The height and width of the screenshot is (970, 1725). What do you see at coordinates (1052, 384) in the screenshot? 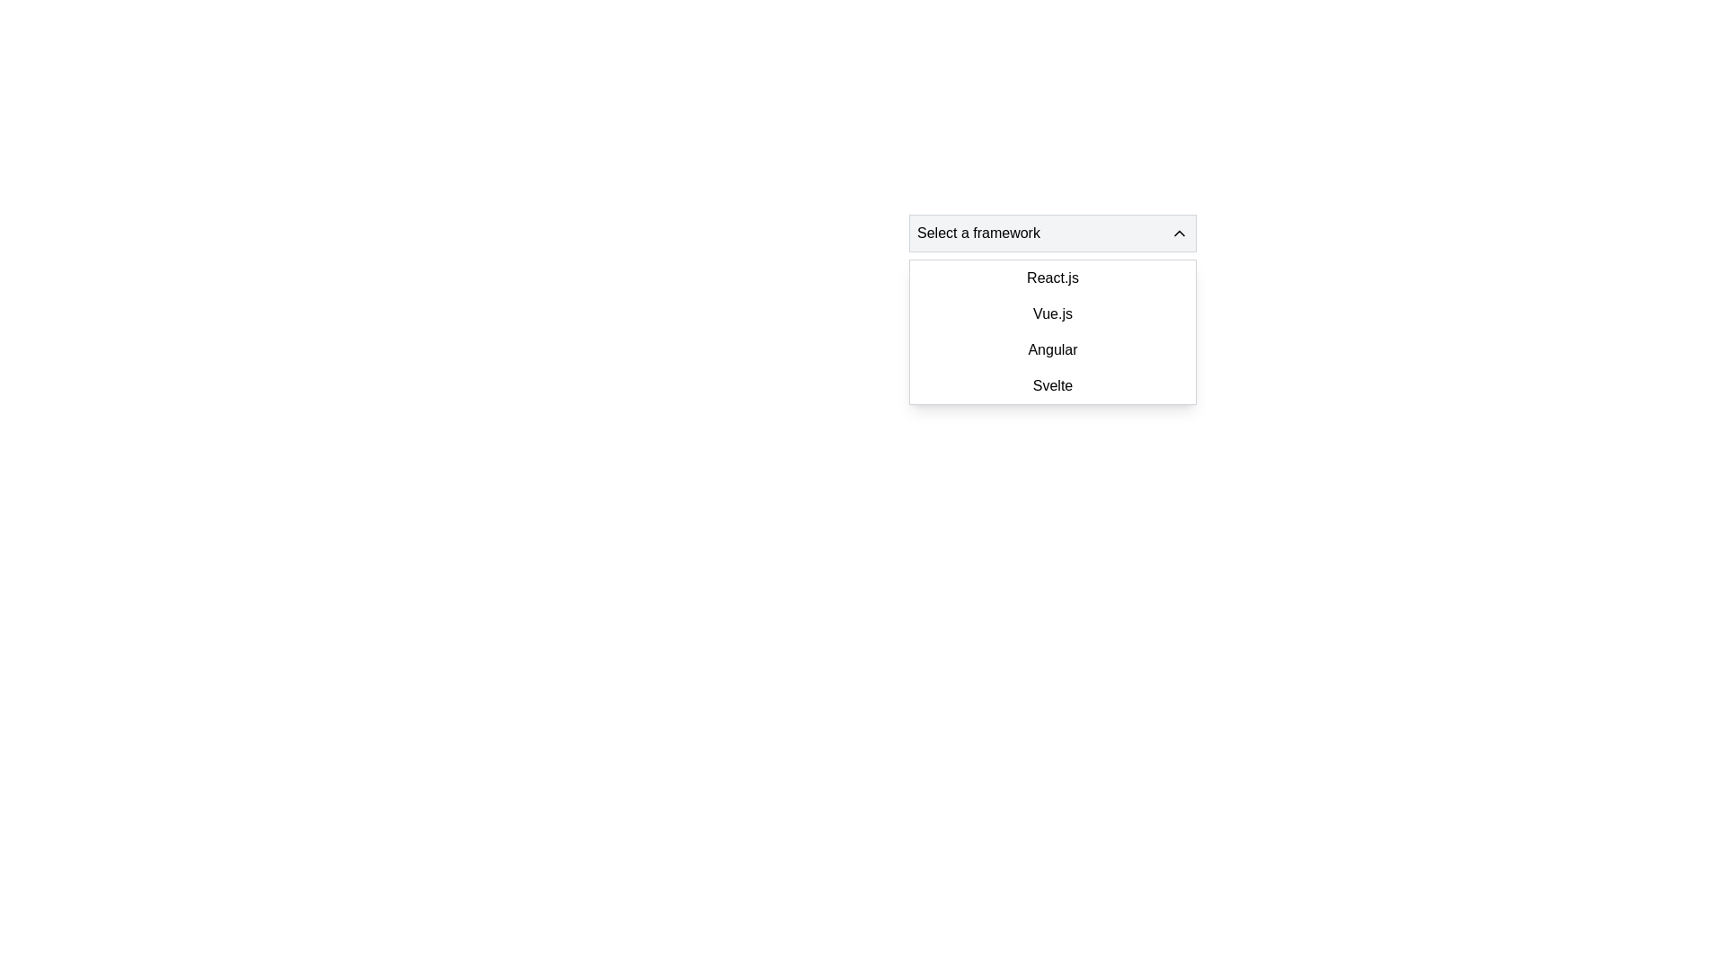
I see `the text label displaying 'Svelte' in the dropdown menu` at bounding box center [1052, 384].